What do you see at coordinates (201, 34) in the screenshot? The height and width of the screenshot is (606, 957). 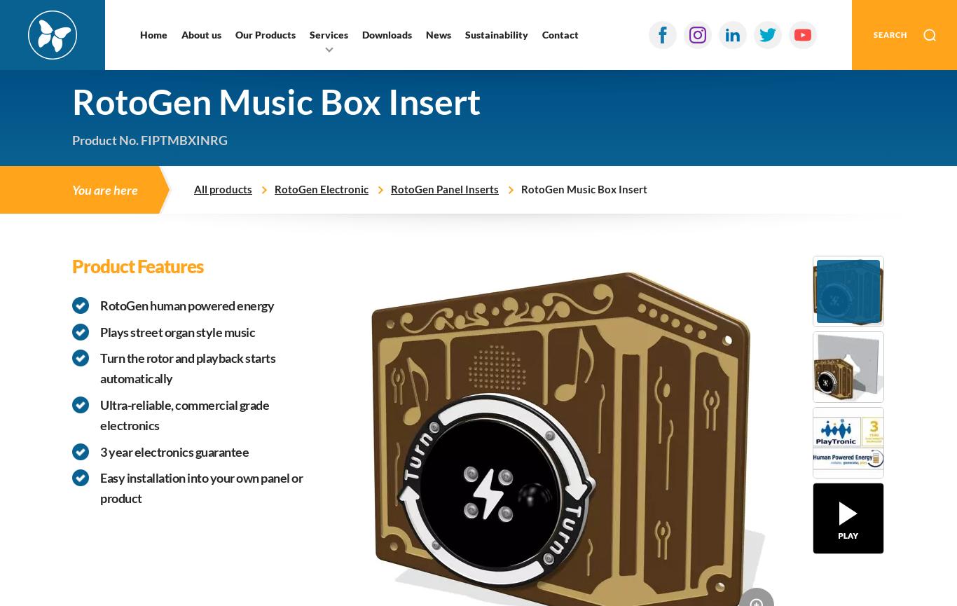 I see `'About us'` at bounding box center [201, 34].